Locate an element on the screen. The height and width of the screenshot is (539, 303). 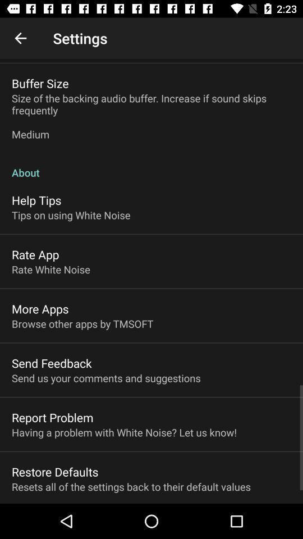
item above browse other apps icon is located at coordinates (39, 309).